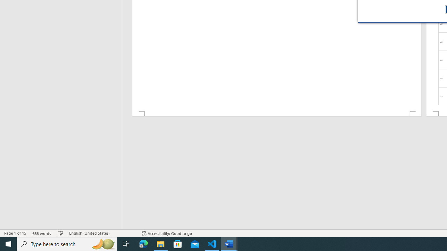  Describe the element at coordinates (102, 233) in the screenshot. I see `'Language English (United States)'` at that location.